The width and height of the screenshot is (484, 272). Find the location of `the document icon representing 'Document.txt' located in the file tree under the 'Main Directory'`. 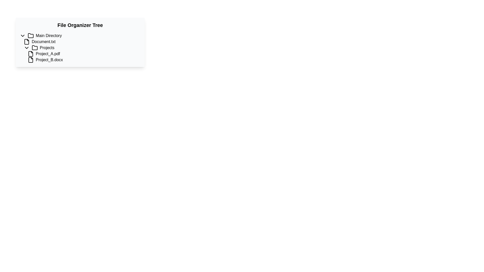

the document icon representing 'Document.txt' located in the file tree under the 'Main Directory' is located at coordinates (26, 41).